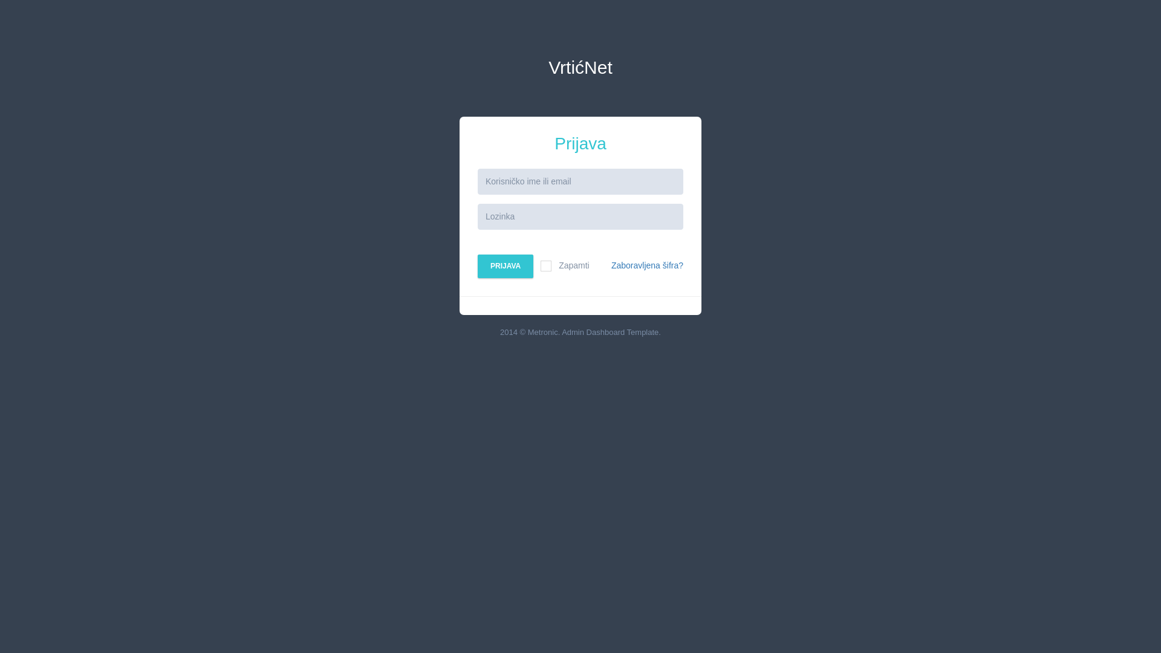 The height and width of the screenshot is (653, 1161). Describe the element at coordinates (477, 265) in the screenshot. I see `'PRIJAVA'` at that location.